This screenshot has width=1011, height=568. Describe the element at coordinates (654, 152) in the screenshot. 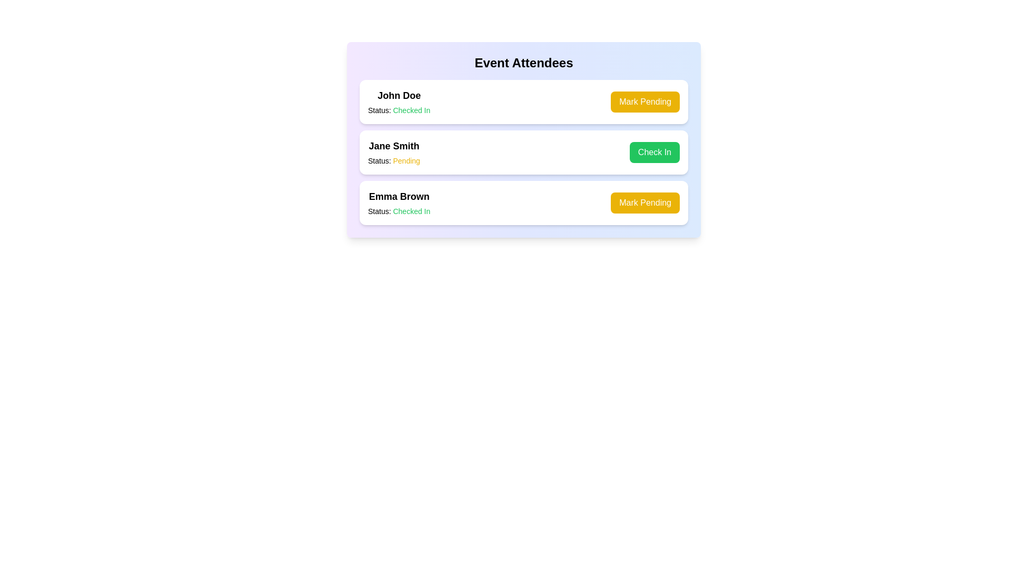

I see `the 'Check In' button for Jane Smith` at that location.